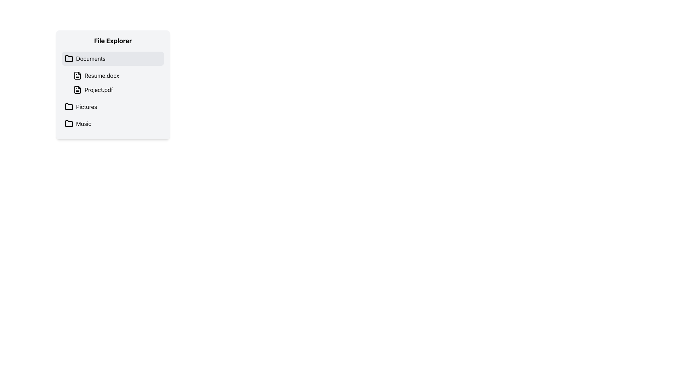  Describe the element at coordinates (112, 123) in the screenshot. I see `the fourth folder entry labeled 'Music' in the file explorer` at that location.